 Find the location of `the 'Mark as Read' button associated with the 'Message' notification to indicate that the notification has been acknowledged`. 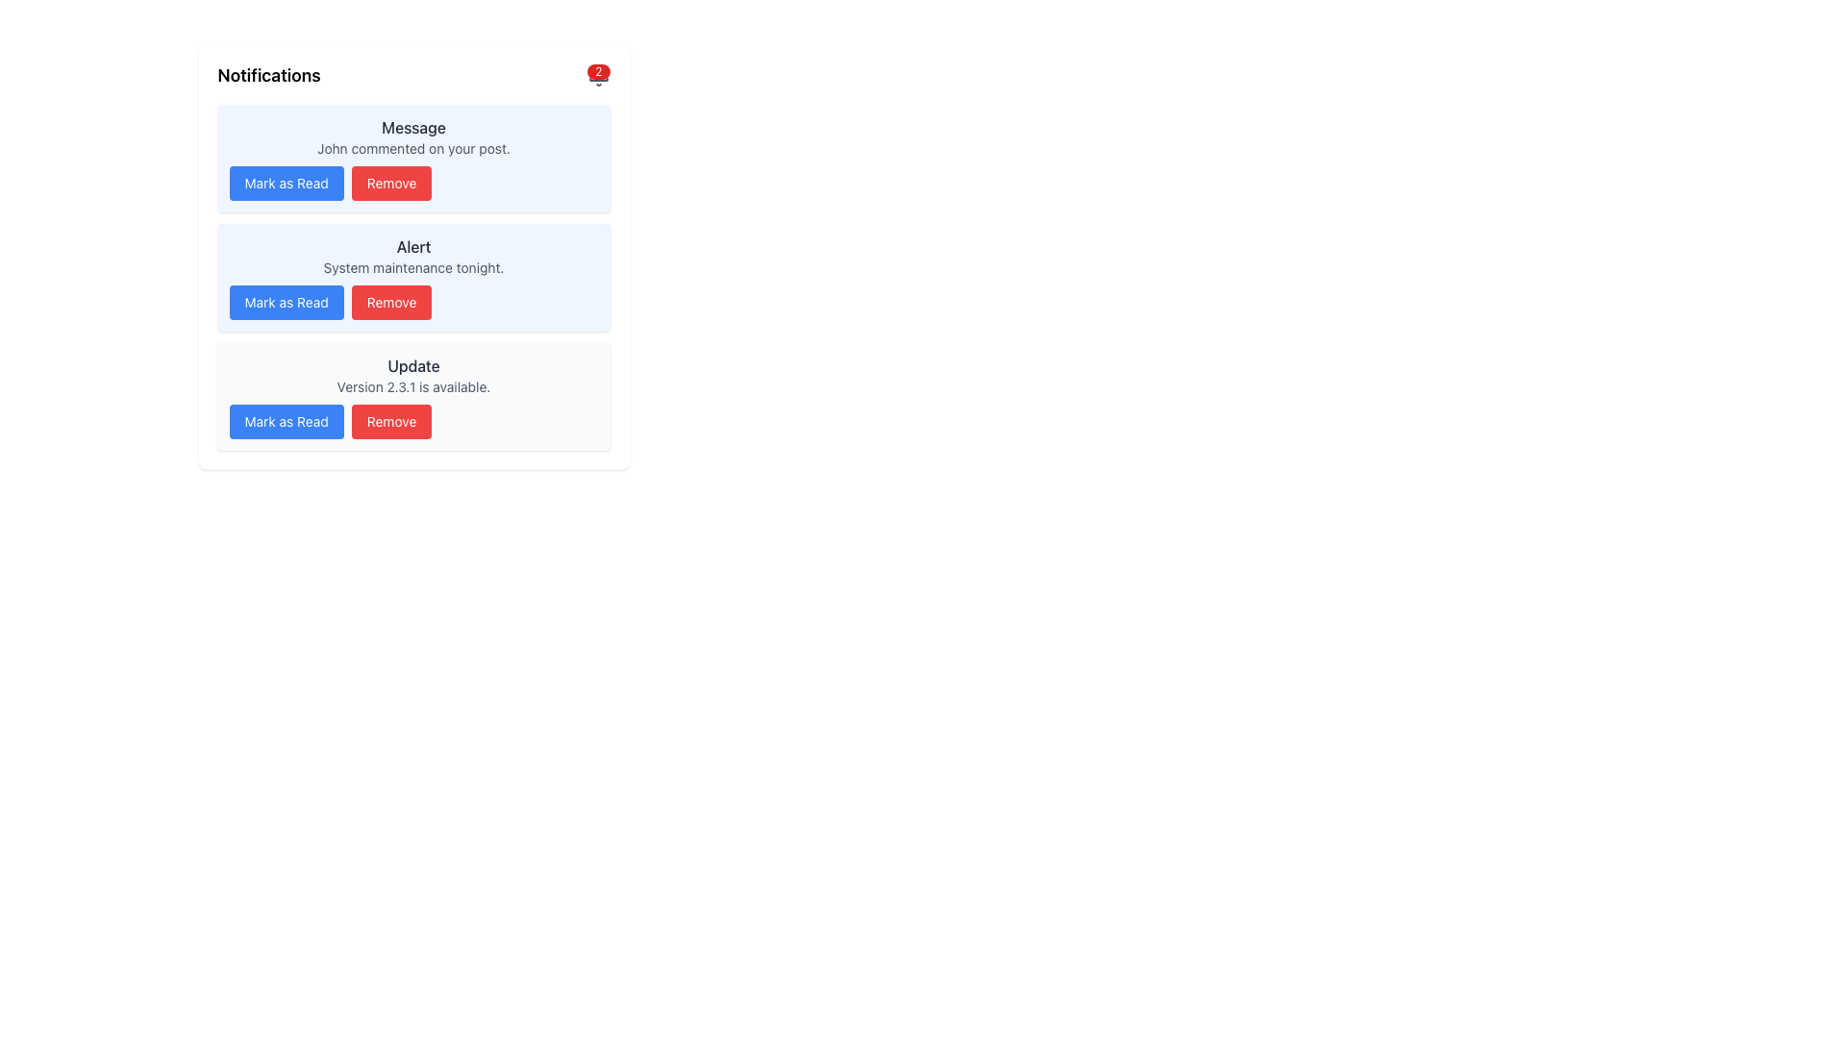

the 'Mark as Read' button associated with the 'Message' notification to indicate that the notification has been acknowledged is located at coordinates (286, 184).